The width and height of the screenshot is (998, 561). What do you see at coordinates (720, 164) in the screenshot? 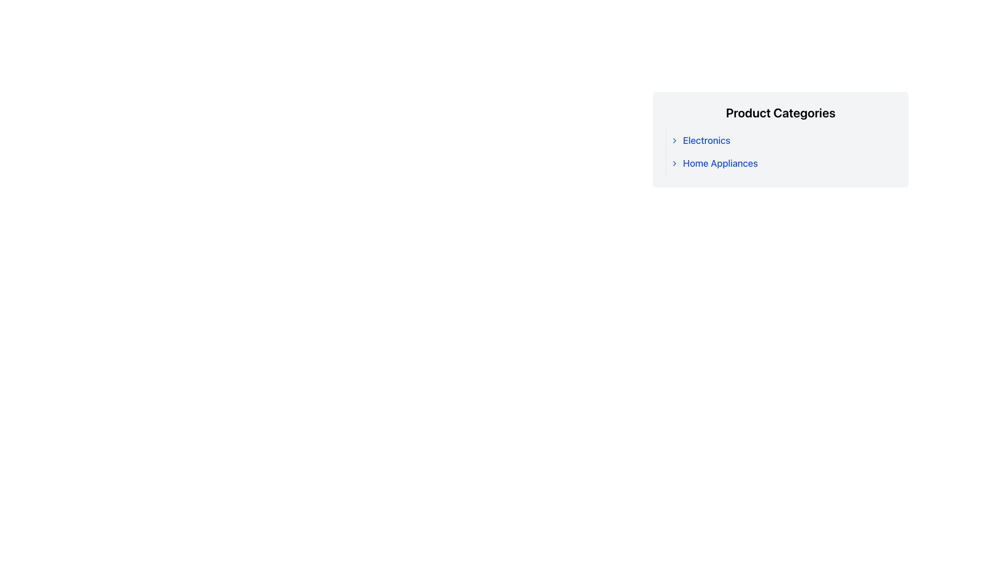
I see `the 'Home Appliances' text label, which is styled in medium weight, larger blue font, and is located under the 'Product Categories' section following 'Electronics'` at bounding box center [720, 164].